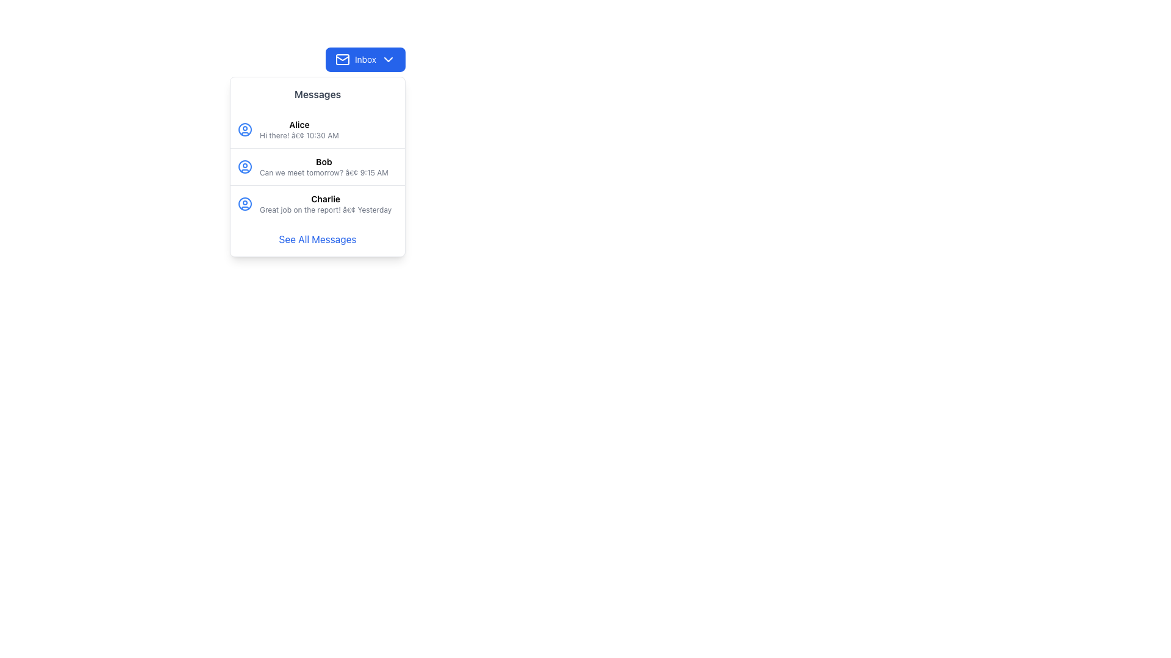 Image resolution: width=1171 pixels, height=658 pixels. Describe the element at coordinates (245, 129) in the screenshot. I see `the Profile Icon that visually identifies the sender 'Alice', which is the first icon in the messages dropdown` at that location.